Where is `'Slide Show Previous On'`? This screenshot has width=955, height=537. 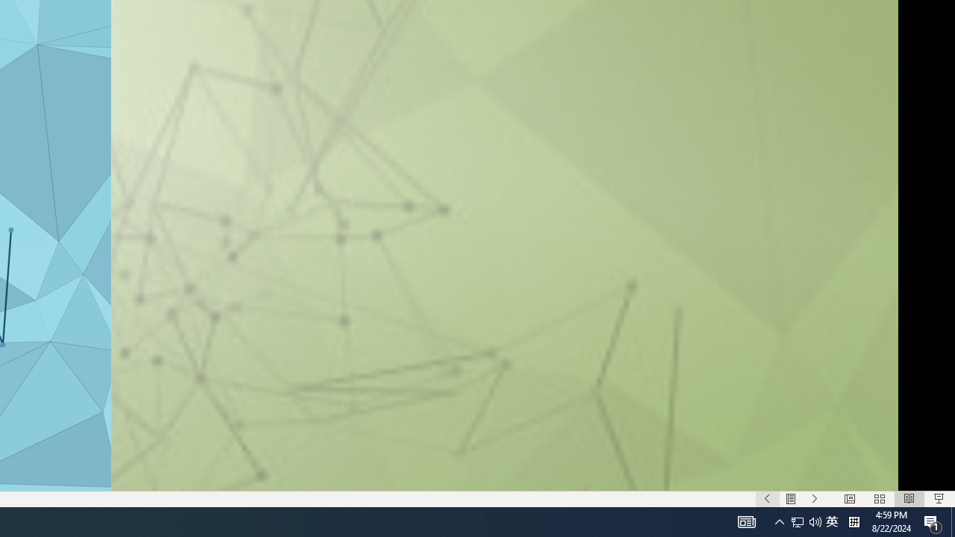 'Slide Show Previous On' is located at coordinates (767, 499).